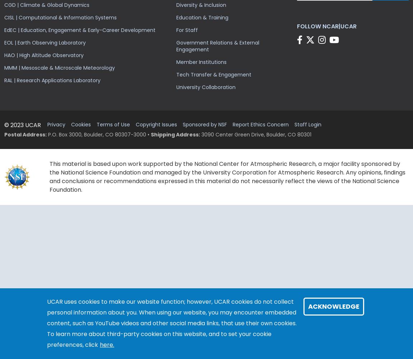  I want to click on 'Acknowledge', so click(334, 306).